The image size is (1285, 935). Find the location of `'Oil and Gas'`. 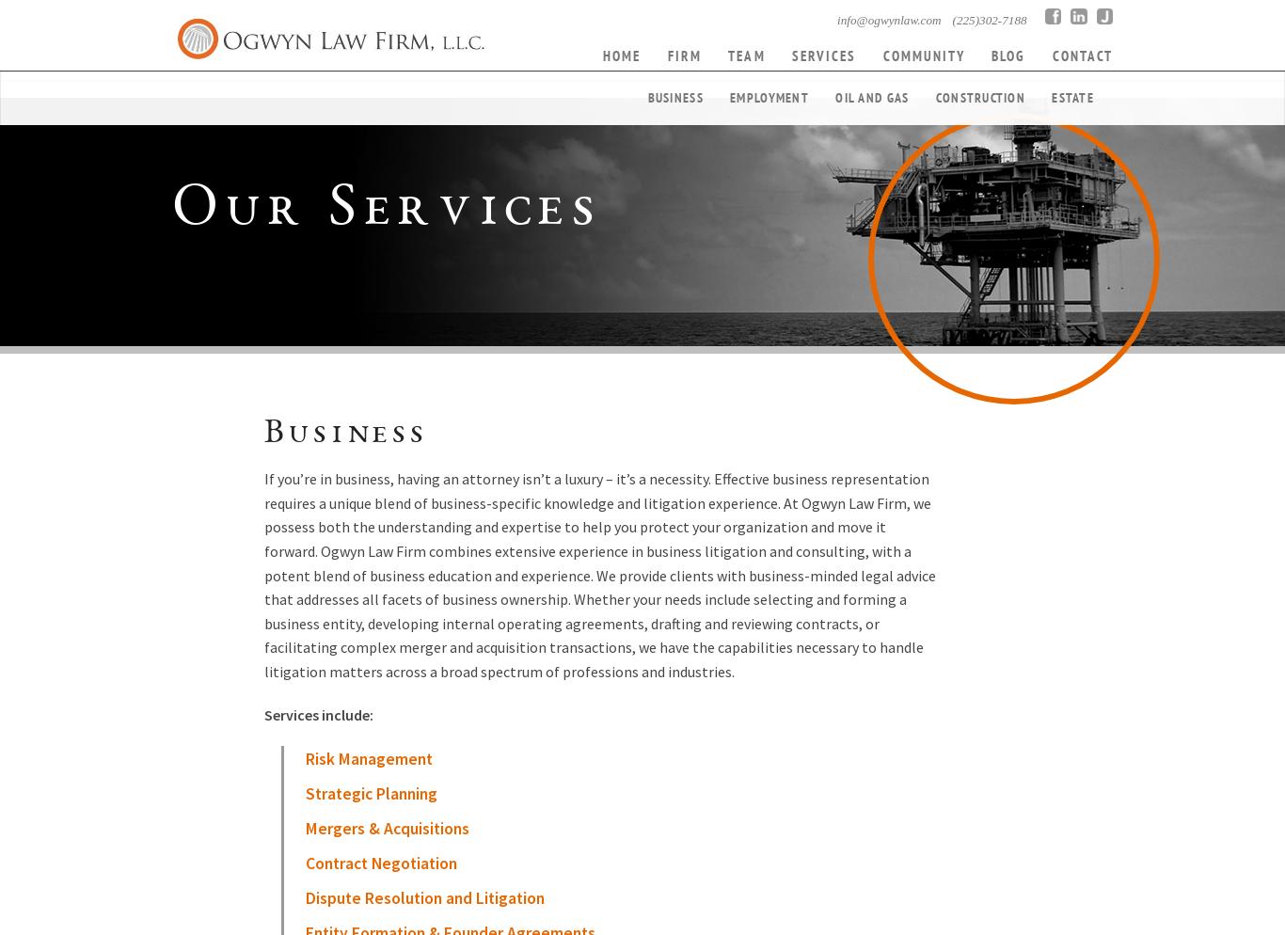

'Oil and Gas' is located at coordinates (871, 97).